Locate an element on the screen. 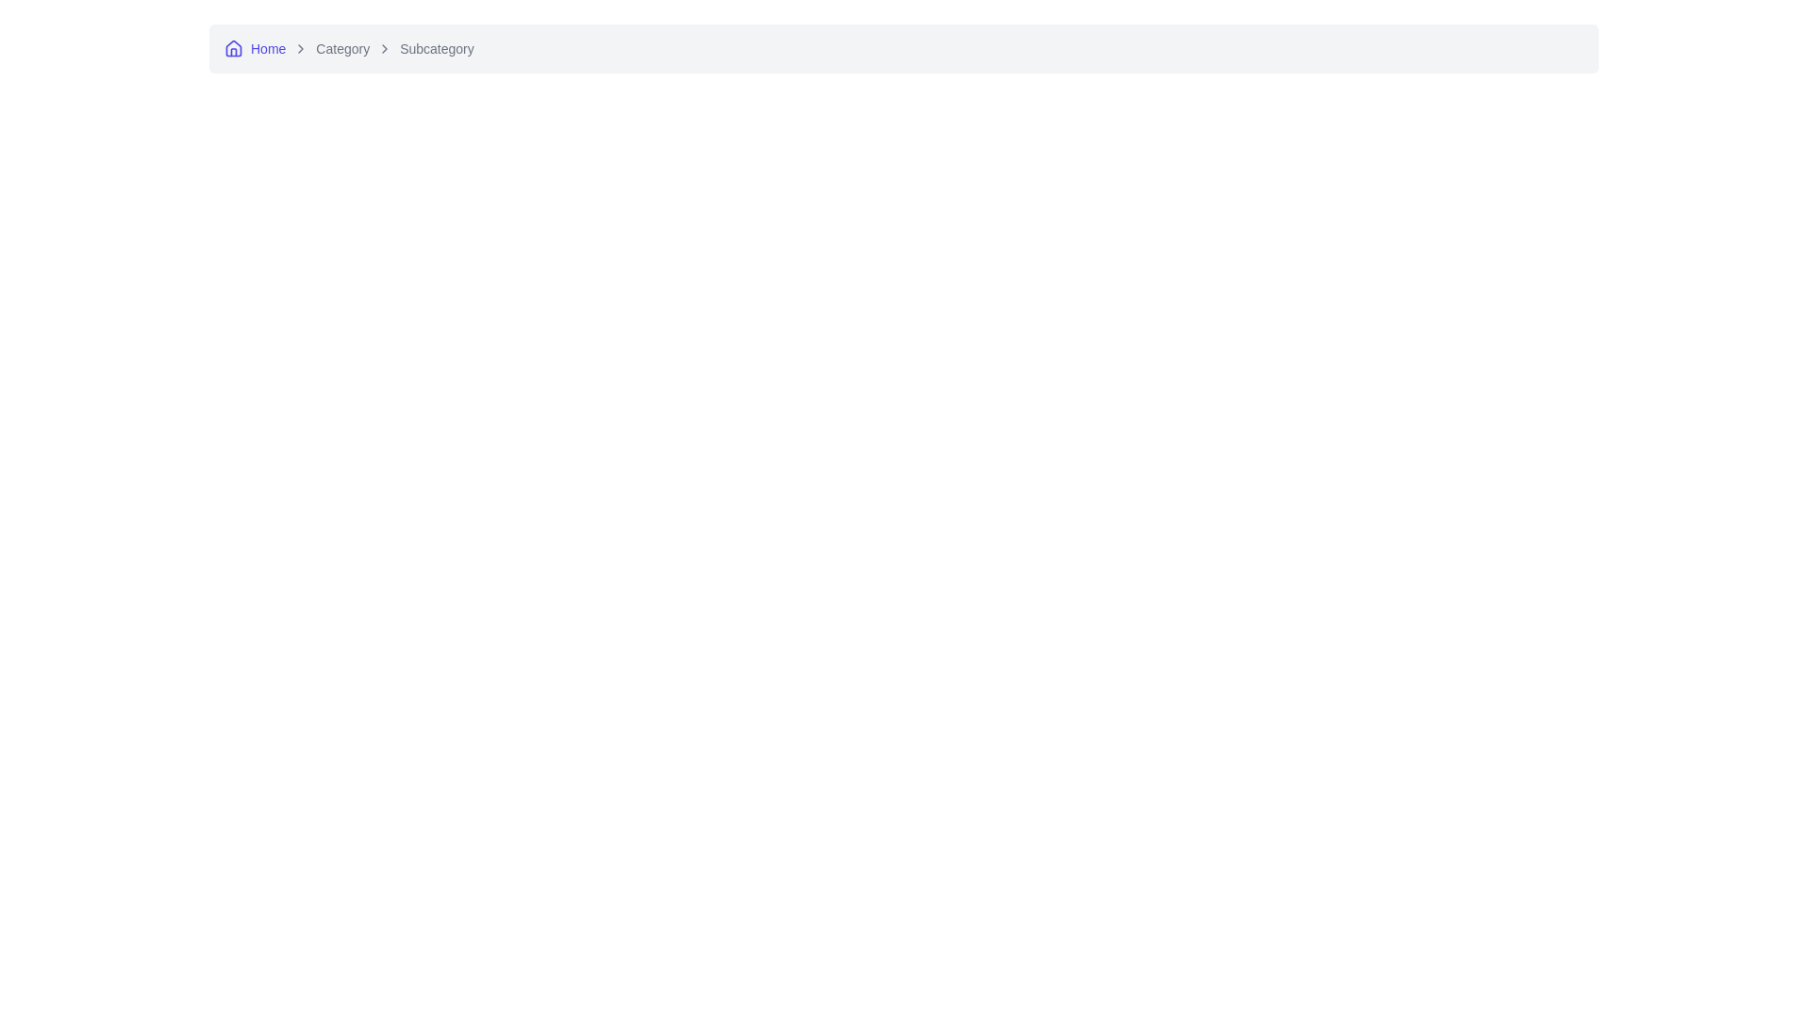 The height and width of the screenshot is (1018, 1811). the right-facing chevron icon in the breadcrumb navigation bar, which is a thin outline with a gray stroke, positioned between the 'Home' icon and the 'Category' label is located at coordinates (300, 47).